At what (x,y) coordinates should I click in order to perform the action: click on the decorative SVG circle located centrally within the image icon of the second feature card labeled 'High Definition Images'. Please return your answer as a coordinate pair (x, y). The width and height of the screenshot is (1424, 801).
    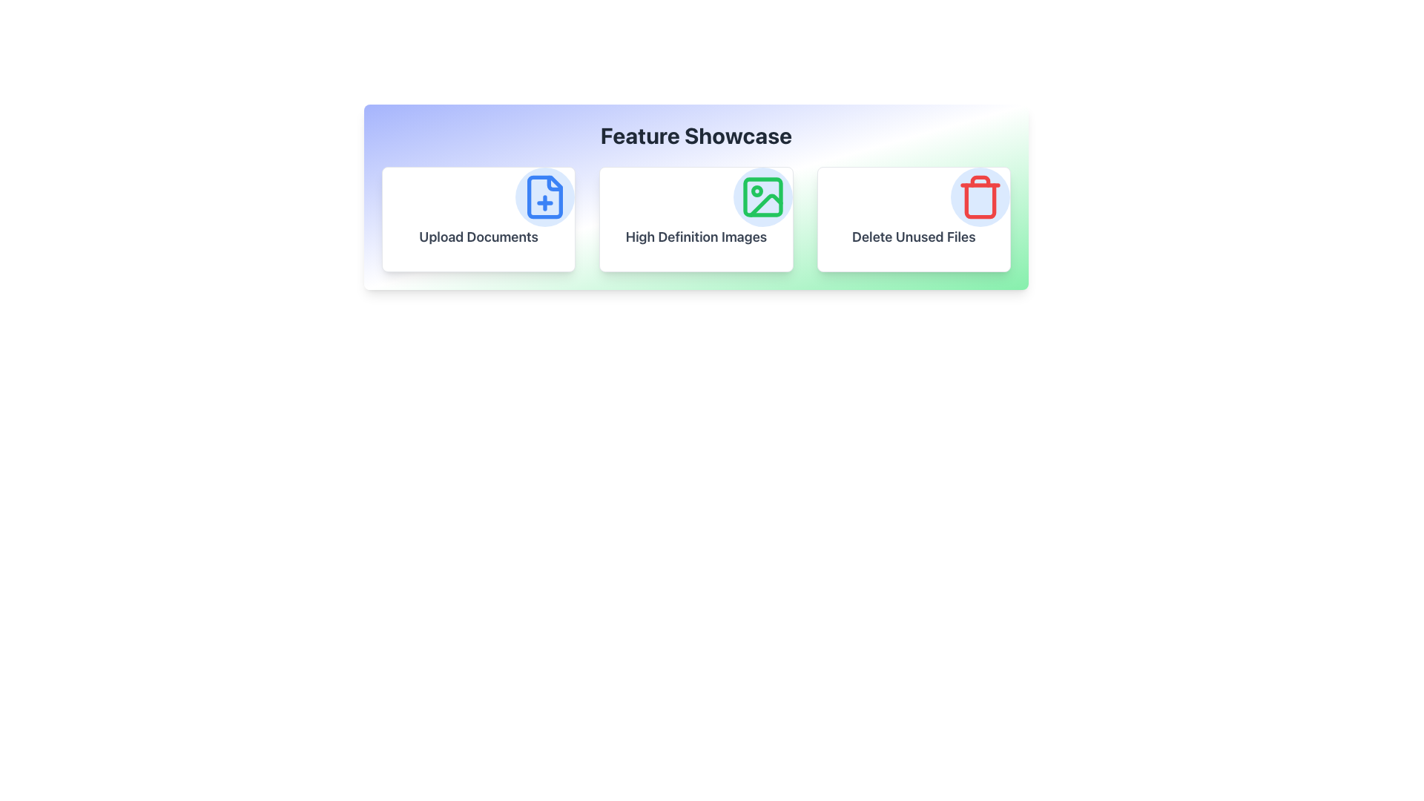
    Looking at the image, I should click on (756, 191).